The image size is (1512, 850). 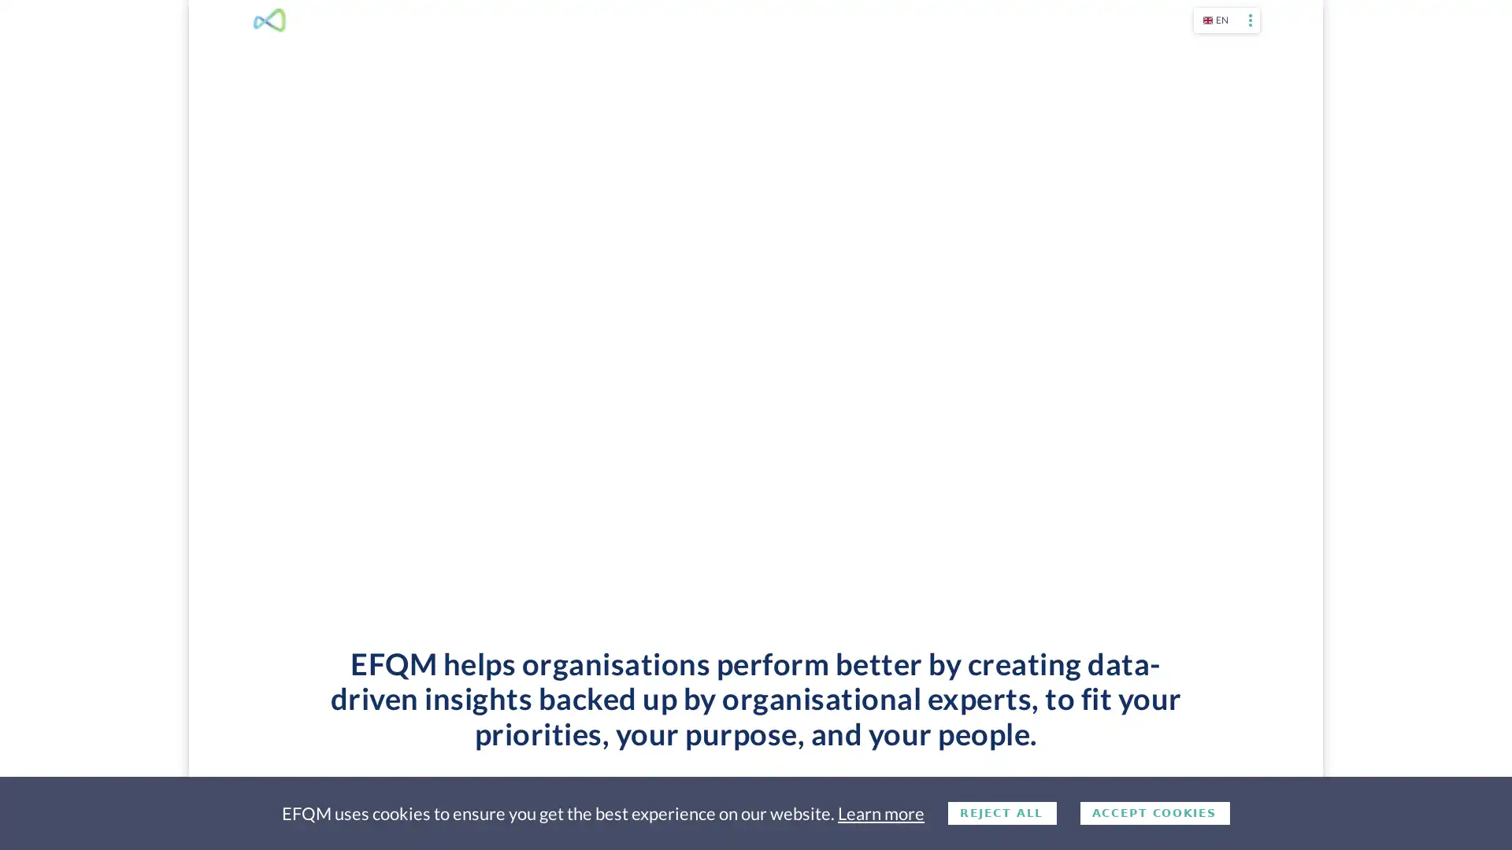 I want to click on WHAT WE DO, so click(x=921, y=56).